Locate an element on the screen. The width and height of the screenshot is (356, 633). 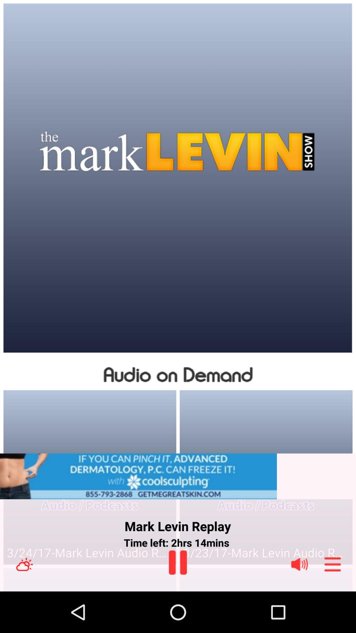
the menu icon is located at coordinates (333, 604).